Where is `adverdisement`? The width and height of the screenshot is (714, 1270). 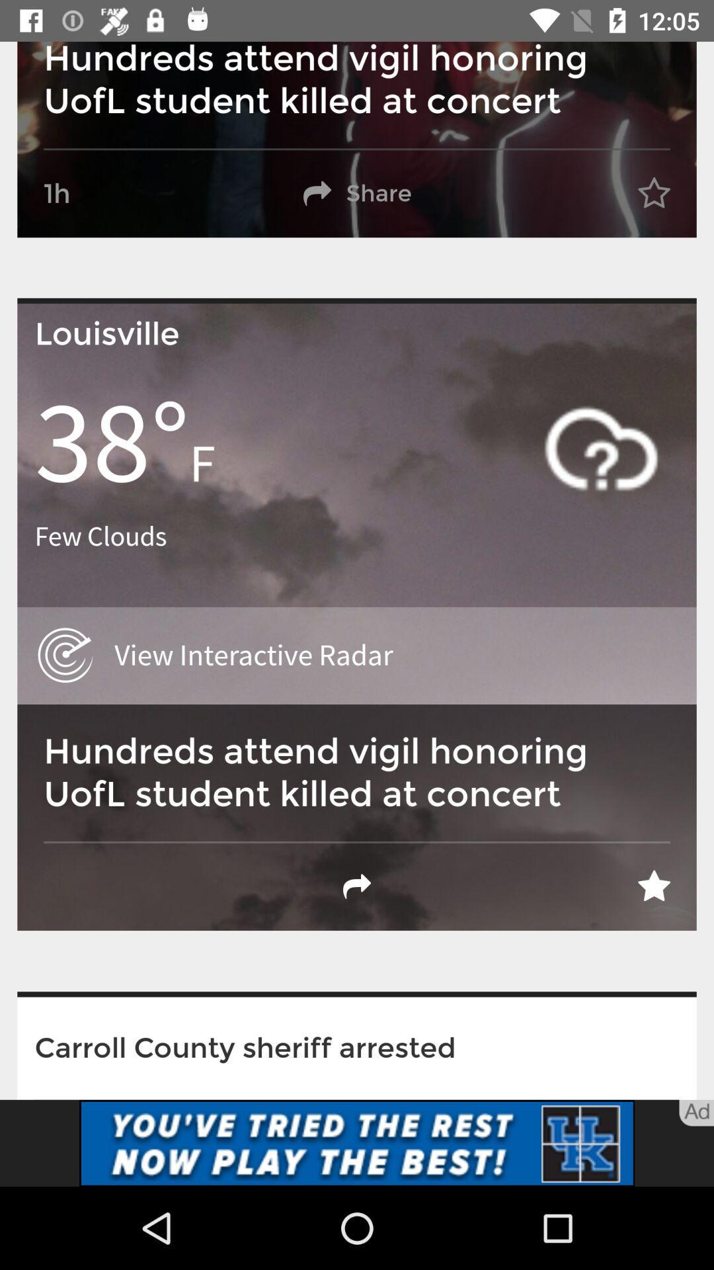
adverdisement is located at coordinates (357, 1142).